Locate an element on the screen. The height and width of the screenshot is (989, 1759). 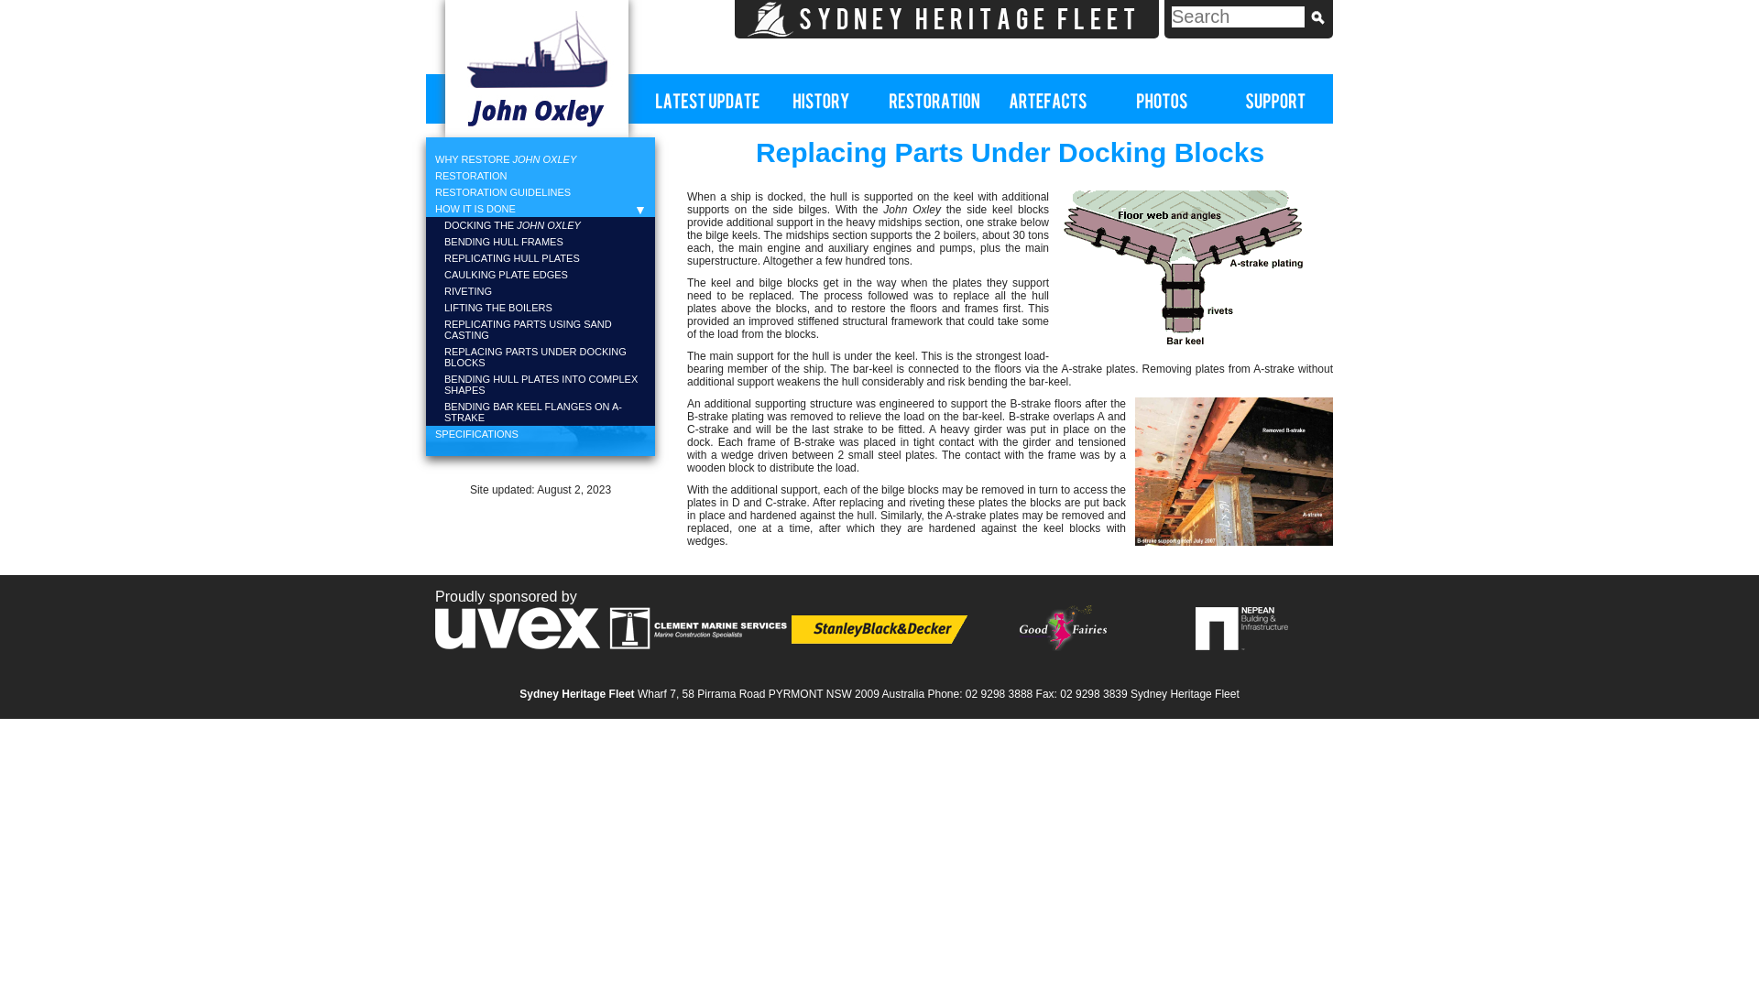
'HOW IT IS DONE' is located at coordinates (540, 207).